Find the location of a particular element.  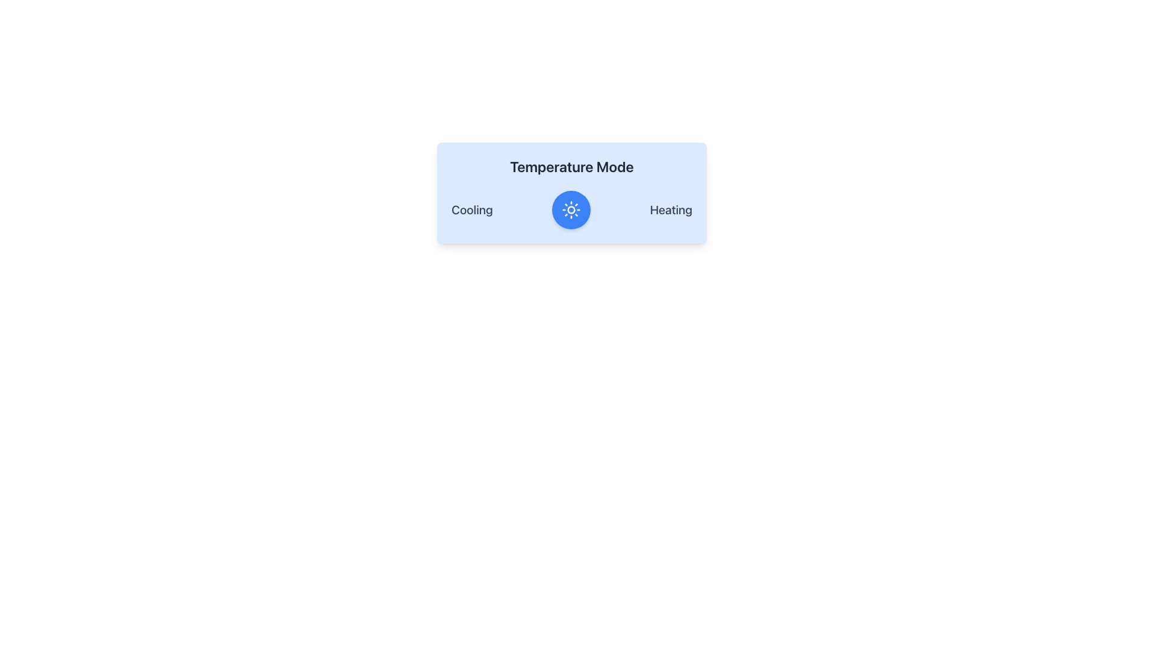

the 'Heating' mode text label located in the rightmost position among its siblings in the temperature setting interface is located at coordinates (670, 209).